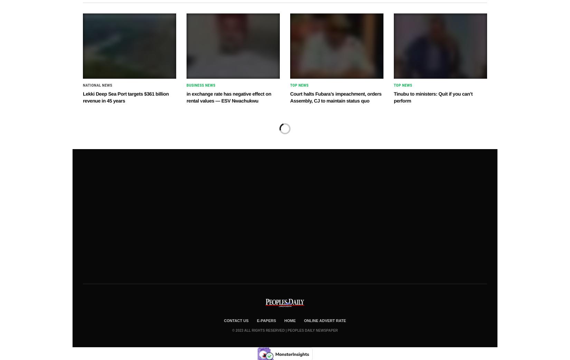 This screenshot has height=360, width=570. I want to click on 'Online Advert Rate', so click(325, 320).